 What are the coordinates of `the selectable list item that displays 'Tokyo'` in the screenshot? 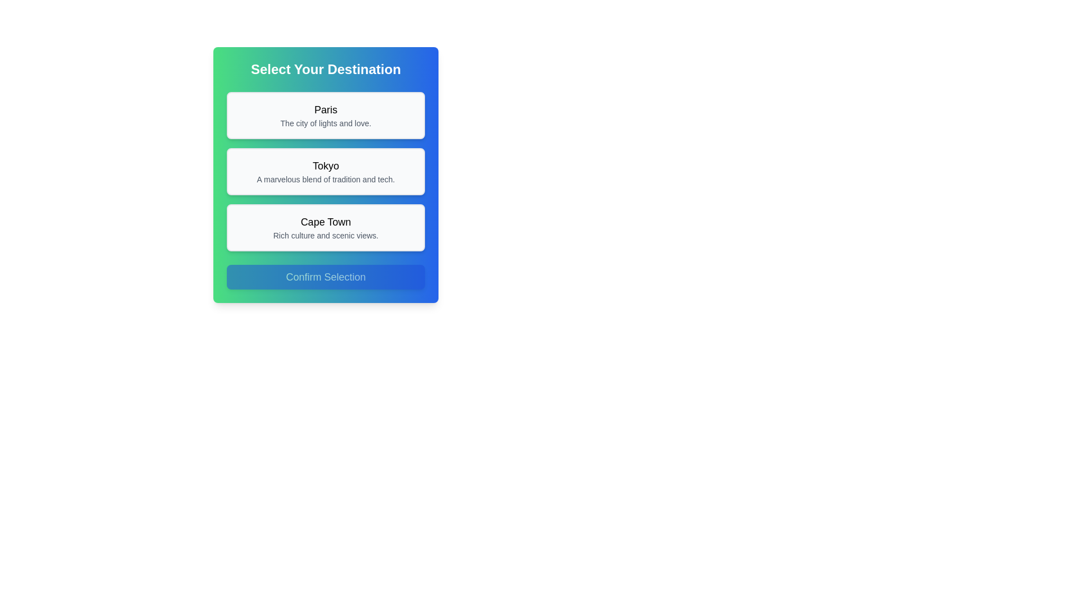 It's located at (325, 171).